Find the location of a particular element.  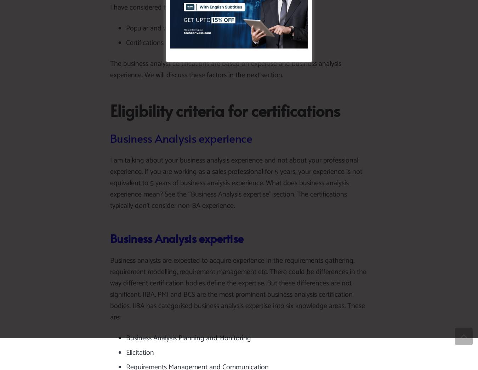

'I have considered the business analyst certifications on two counts:' is located at coordinates (207, 7).